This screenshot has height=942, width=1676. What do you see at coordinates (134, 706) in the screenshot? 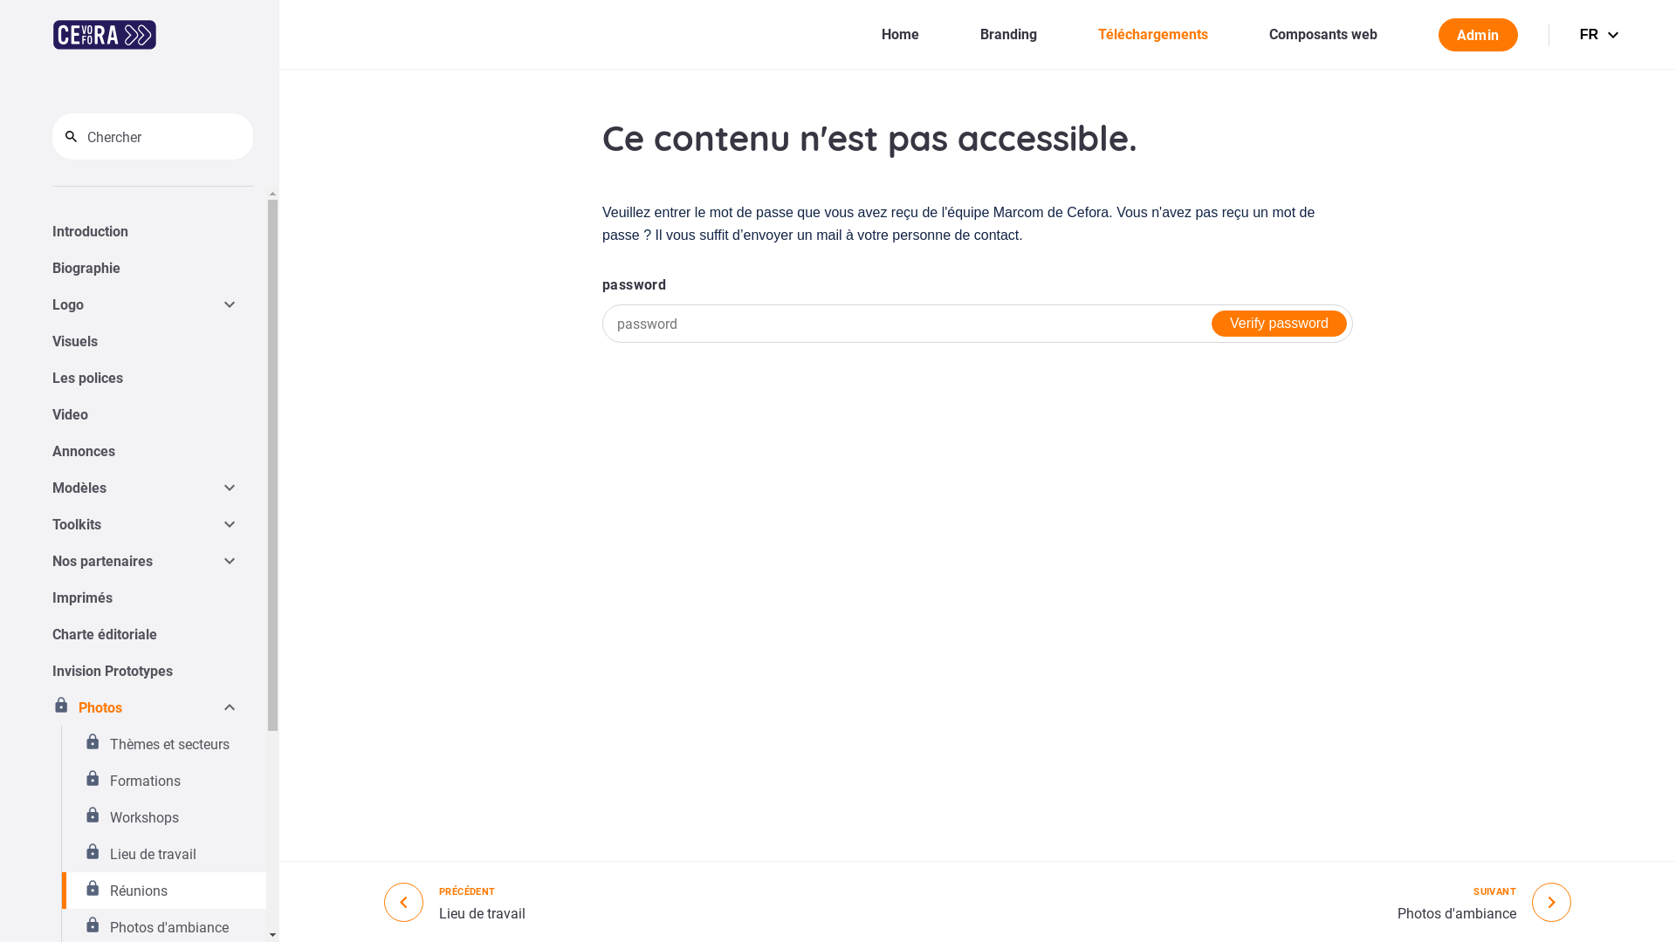
I see `'Photos'` at bounding box center [134, 706].